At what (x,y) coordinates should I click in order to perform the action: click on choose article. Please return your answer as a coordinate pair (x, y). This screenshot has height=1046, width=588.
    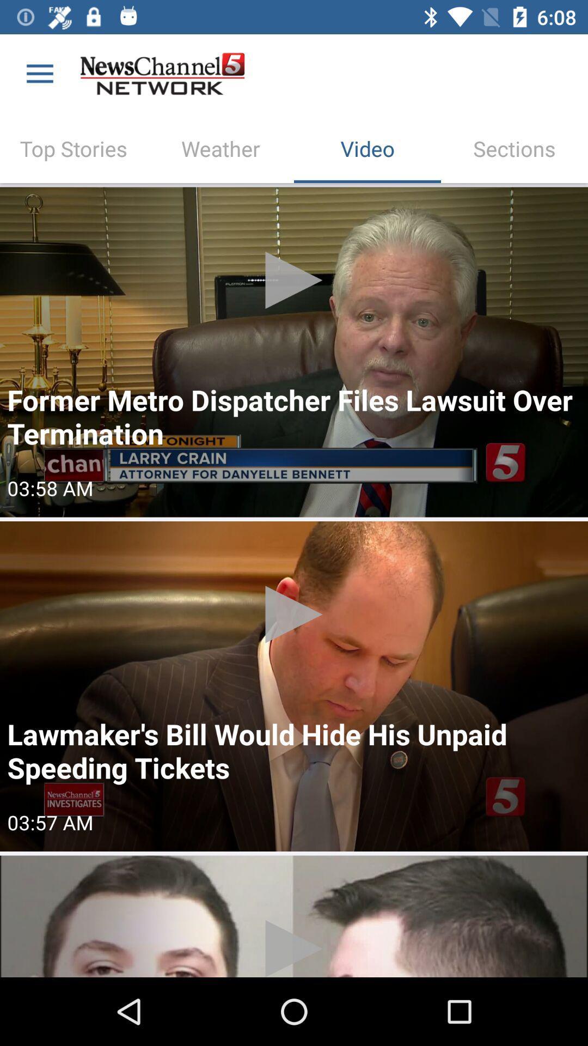
    Looking at the image, I should click on (294, 916).